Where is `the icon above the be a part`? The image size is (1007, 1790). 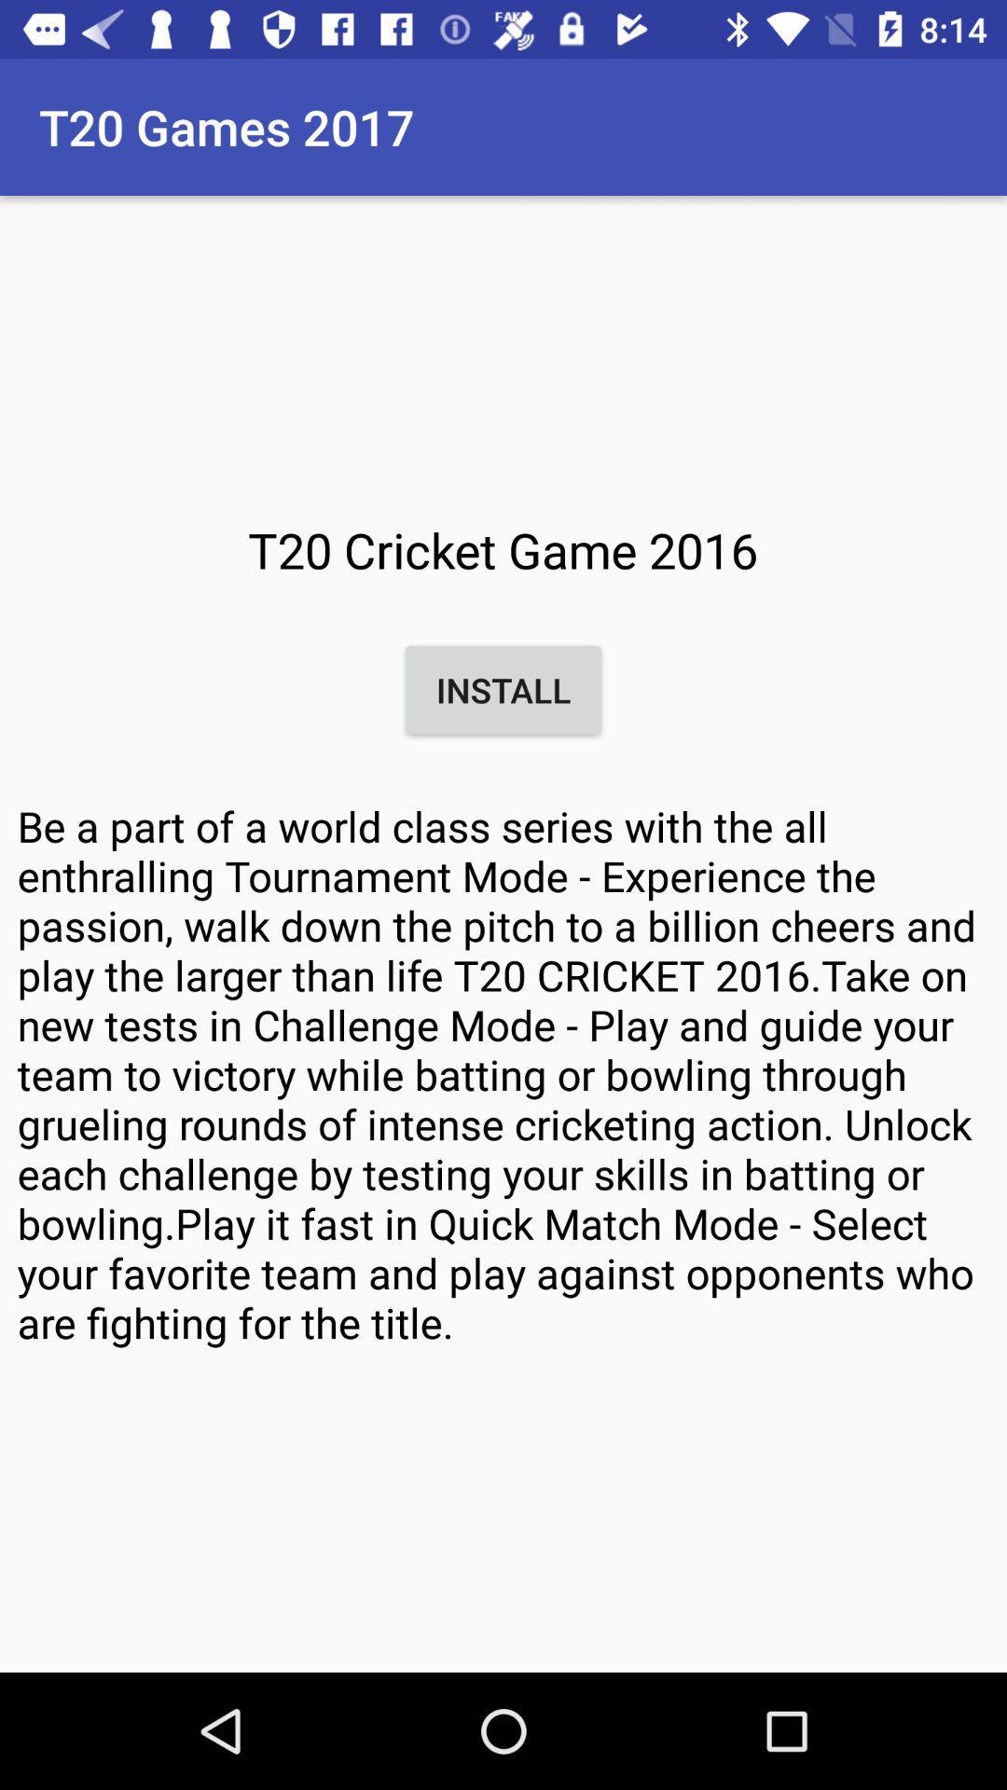 the icon above the be a part is located at coordinates (504, 689).